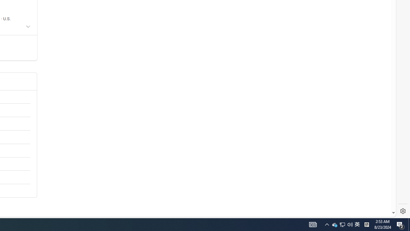  I want to click on 'AutomationID: mfa_root', so click(369, 193).